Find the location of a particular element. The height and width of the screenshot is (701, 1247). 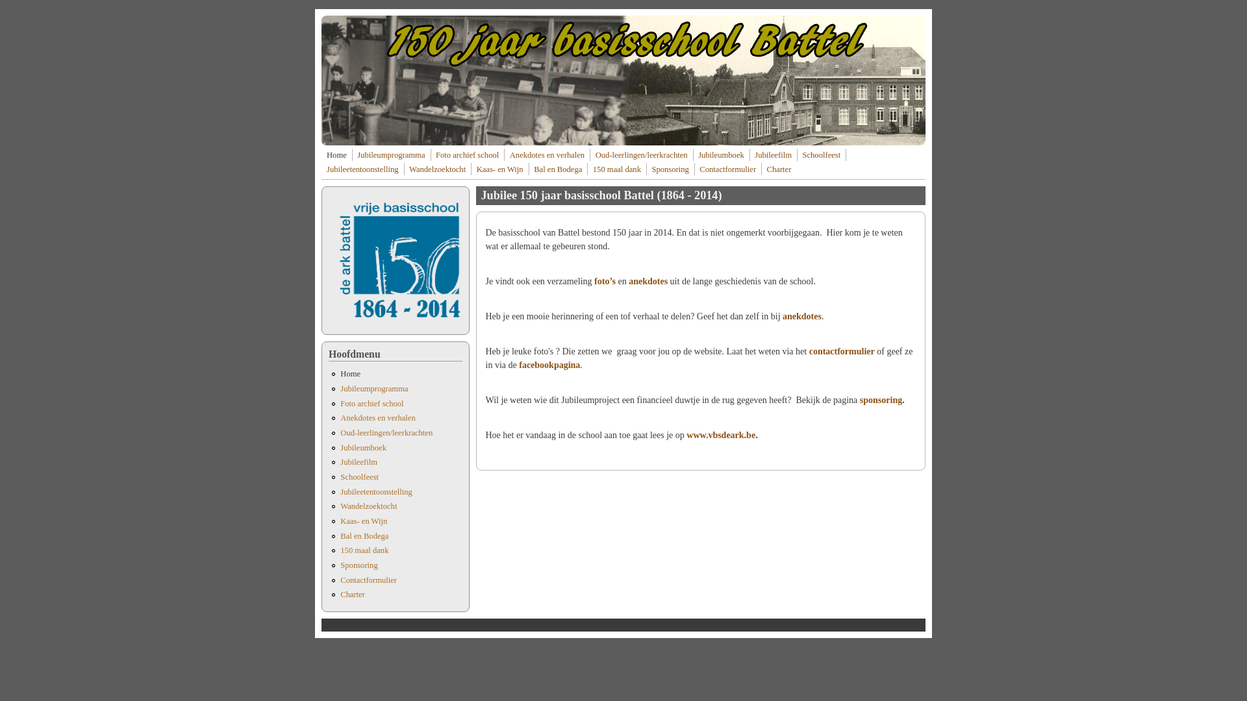

'Oud-leerlingen/leerkrachten' is located at coordinates (340, 433).